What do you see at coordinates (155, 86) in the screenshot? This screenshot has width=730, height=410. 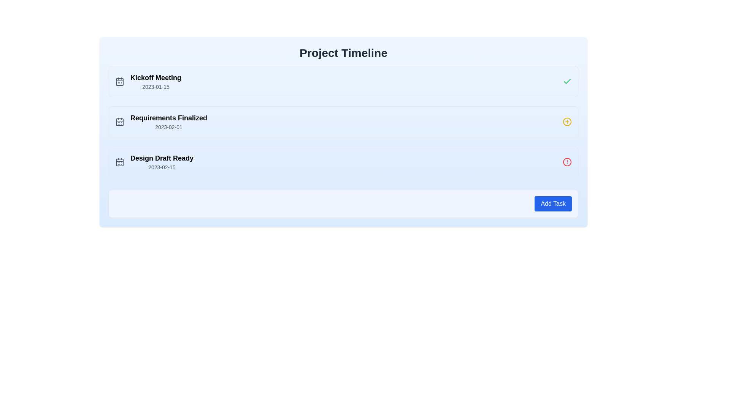 I see `the static text label displaying the date '2023-01-15', which is positioned below the bold text label 'Kickoff Meeting' in the first card of the vertical list` at bounding box center [155, 86].